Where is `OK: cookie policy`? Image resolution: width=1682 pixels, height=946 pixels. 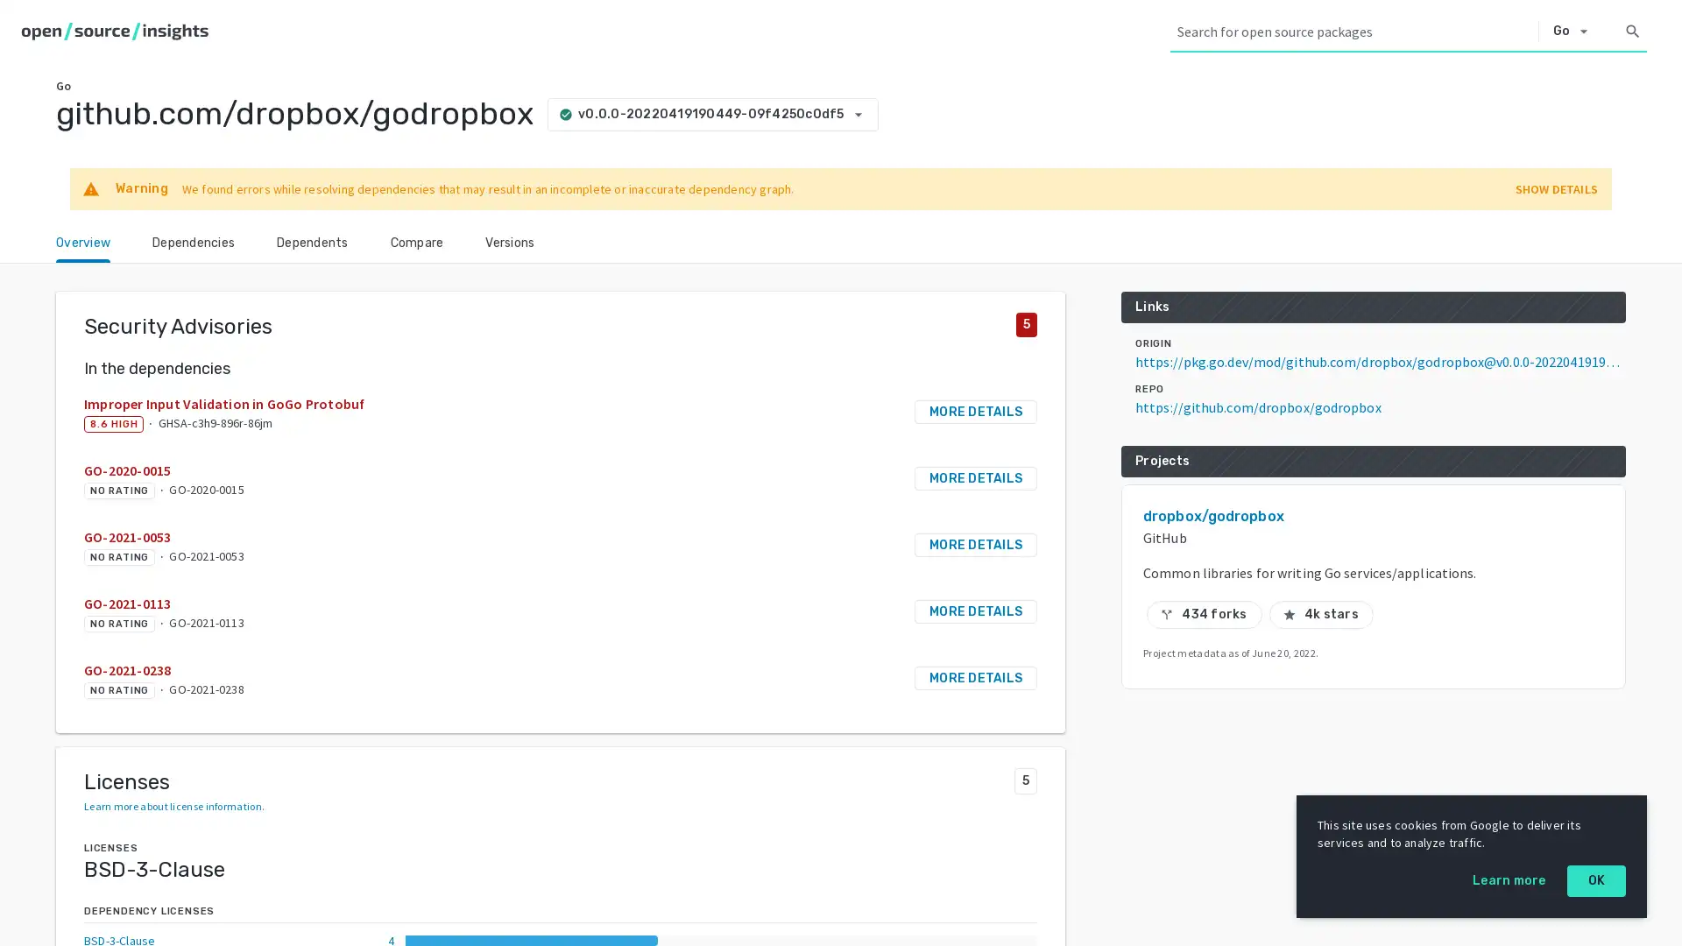
OK: cookie policy is located at coordinates (1596, 881).